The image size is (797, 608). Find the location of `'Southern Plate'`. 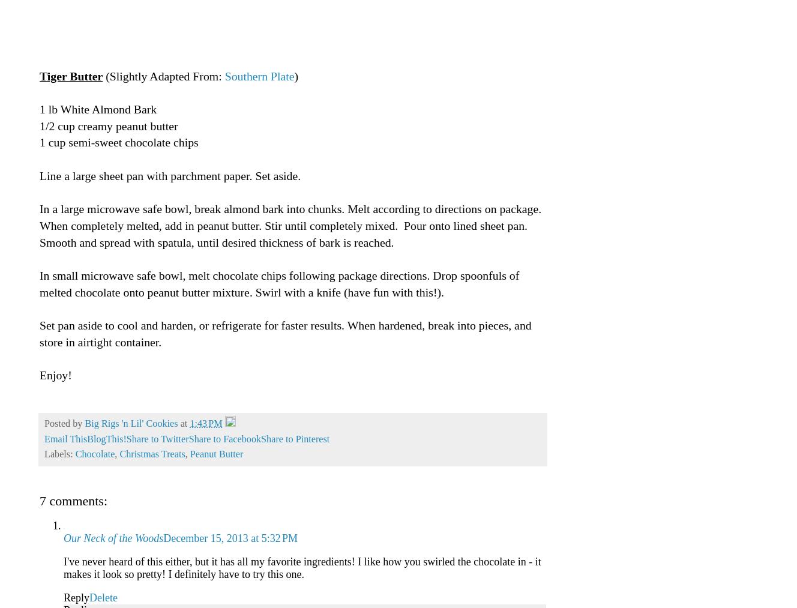

'Southern Plate' is located at coordinates (259, 76).